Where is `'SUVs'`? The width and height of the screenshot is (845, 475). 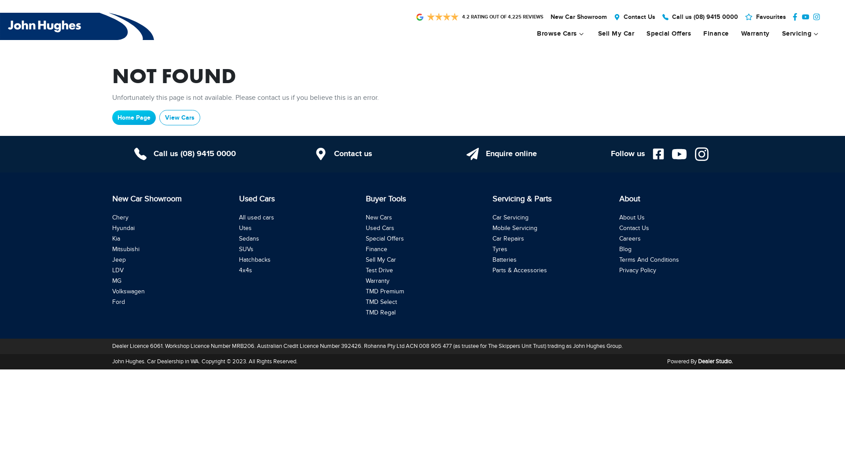
'SUVs' is located at coordinates (246, 249).